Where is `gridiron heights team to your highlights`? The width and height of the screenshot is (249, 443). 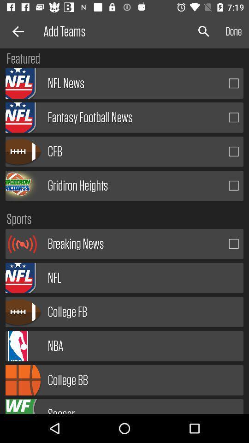
gridiron heights team to your highlights is located at coordinates (234, 185).